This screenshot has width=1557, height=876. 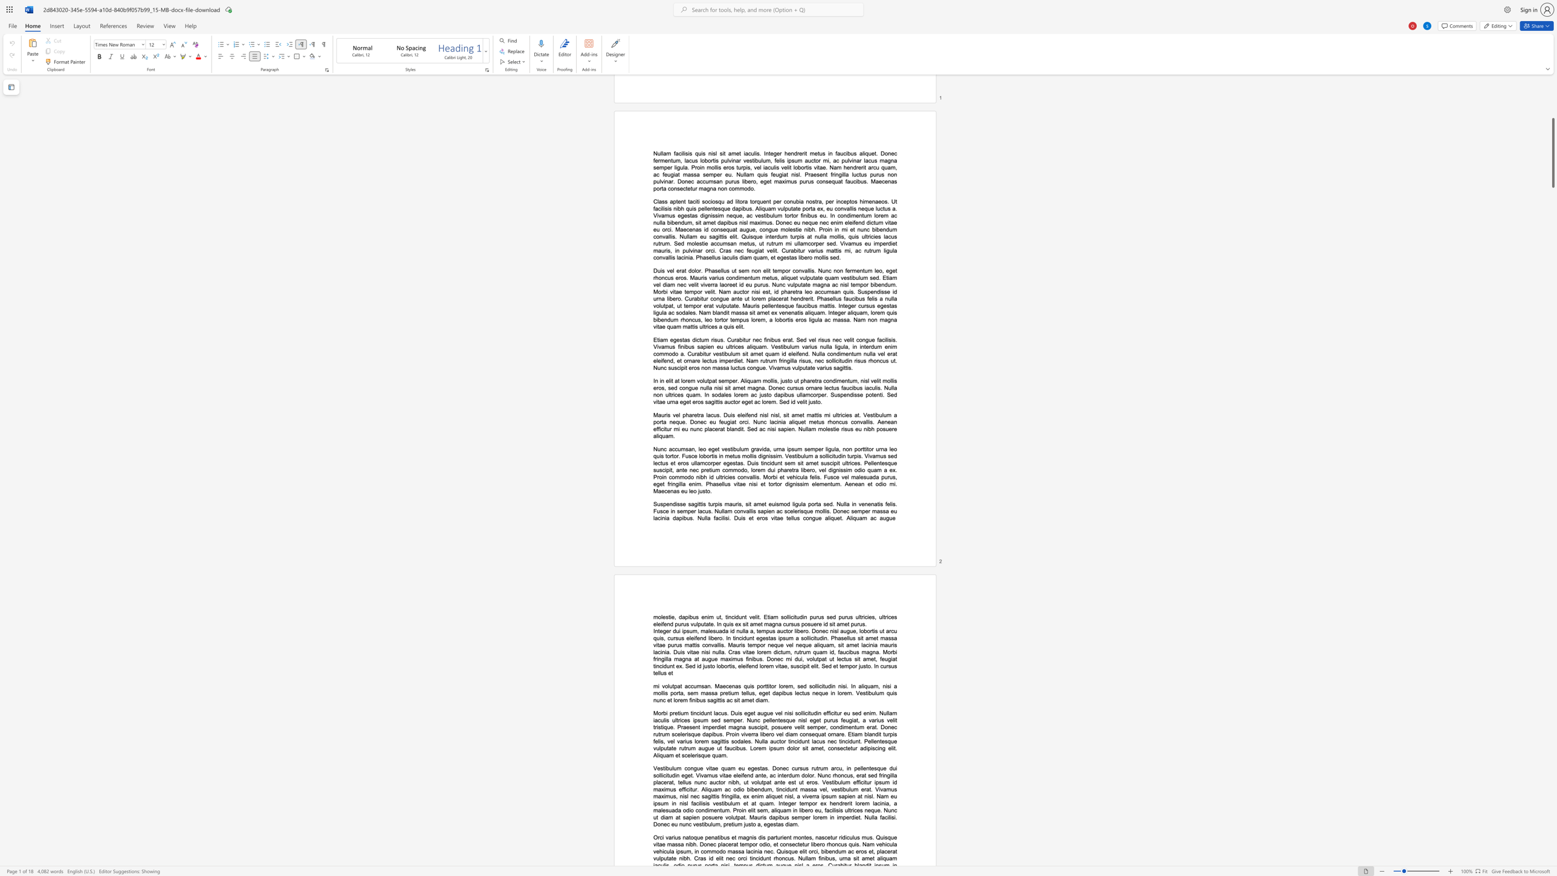 What do you see at coordinates (748, 504) in the screenshot?
I see `the subset text "it amet euismod ligula porta sed. Nulla in venenatis felis. Fusce in semper lacus. Nullam c" within the text "Suspendisse sagittis turpis mauris, sit amet euismod ligula porta sed. Nulla in venenatis felis. Fusce in semper lacus. Nullam convallis sapien ac scelerisque mollis. Donec semper massa eu lacinia dapibus. Nulla facilisi. Duis et eros vitae tellus congue aliquet. Aliquam ac augue"` at bounding box center [748, 504].